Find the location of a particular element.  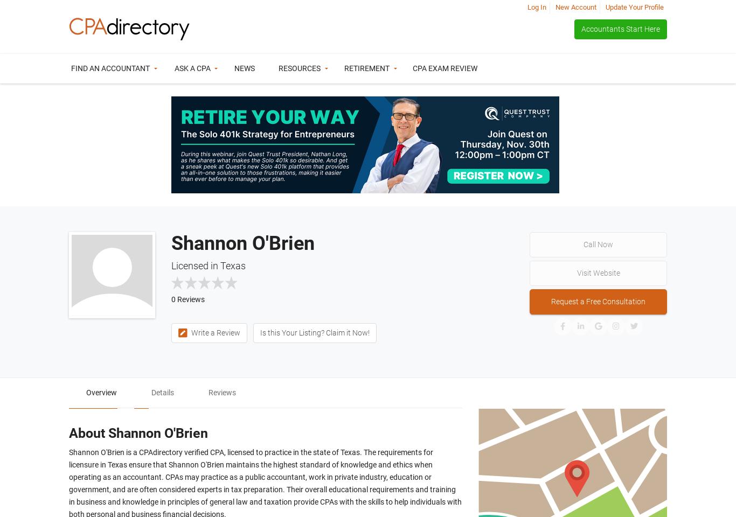

'Retirement' is located at coordinates (344, 68).